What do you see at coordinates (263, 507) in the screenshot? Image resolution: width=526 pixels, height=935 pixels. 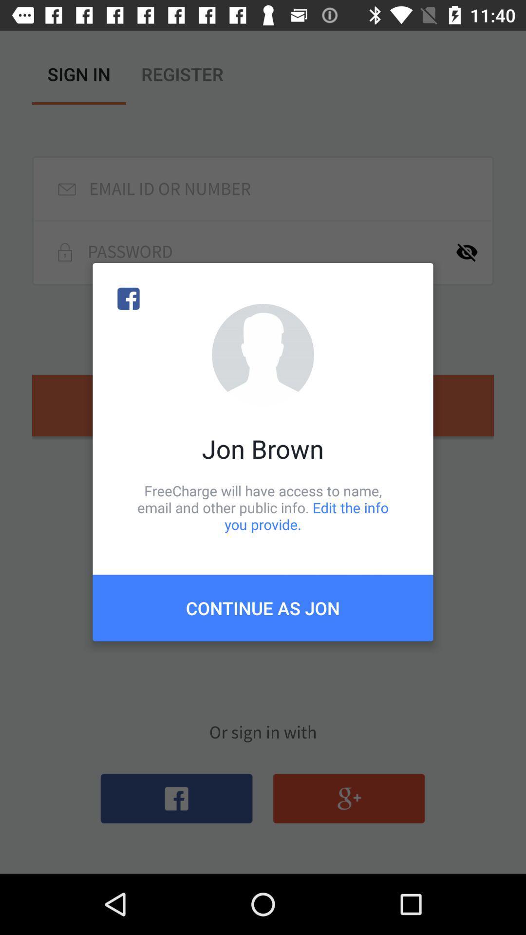 I see `icon above the continue as jon icon` at bounding box center [263, 507].